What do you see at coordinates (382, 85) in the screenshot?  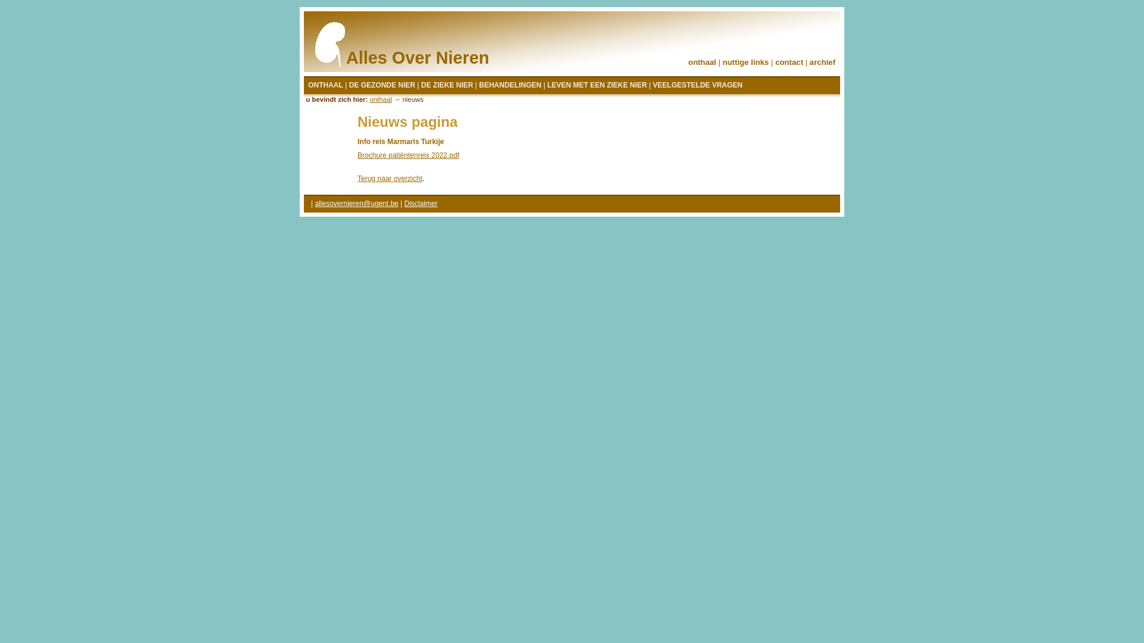 I see `'DE GEZONDE NIER'` at bounding box center [382, 85].